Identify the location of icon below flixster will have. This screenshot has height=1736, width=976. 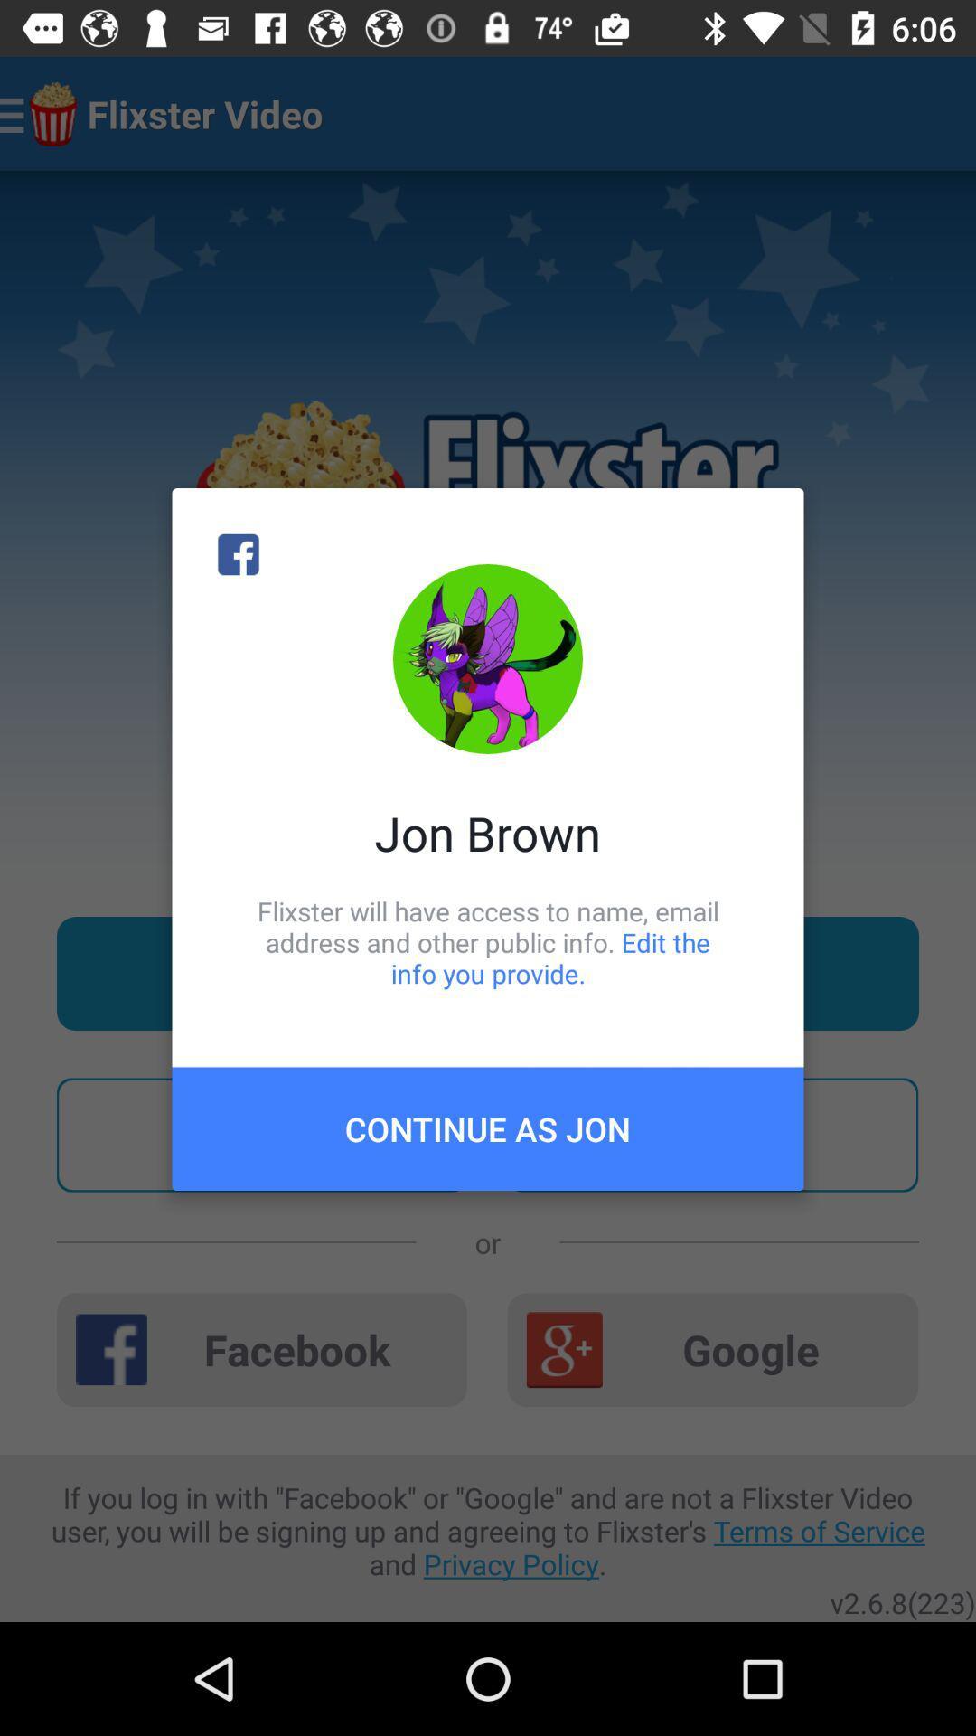
(488, 1127).